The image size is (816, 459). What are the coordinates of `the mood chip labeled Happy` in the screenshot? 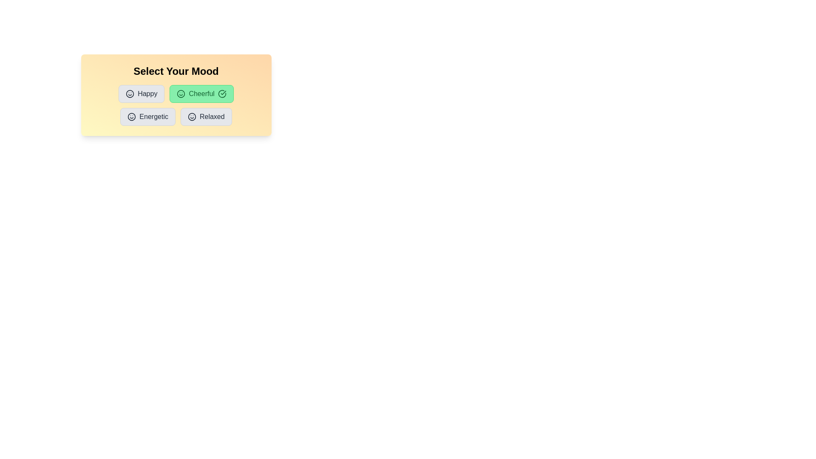 It's located at (142, 93).